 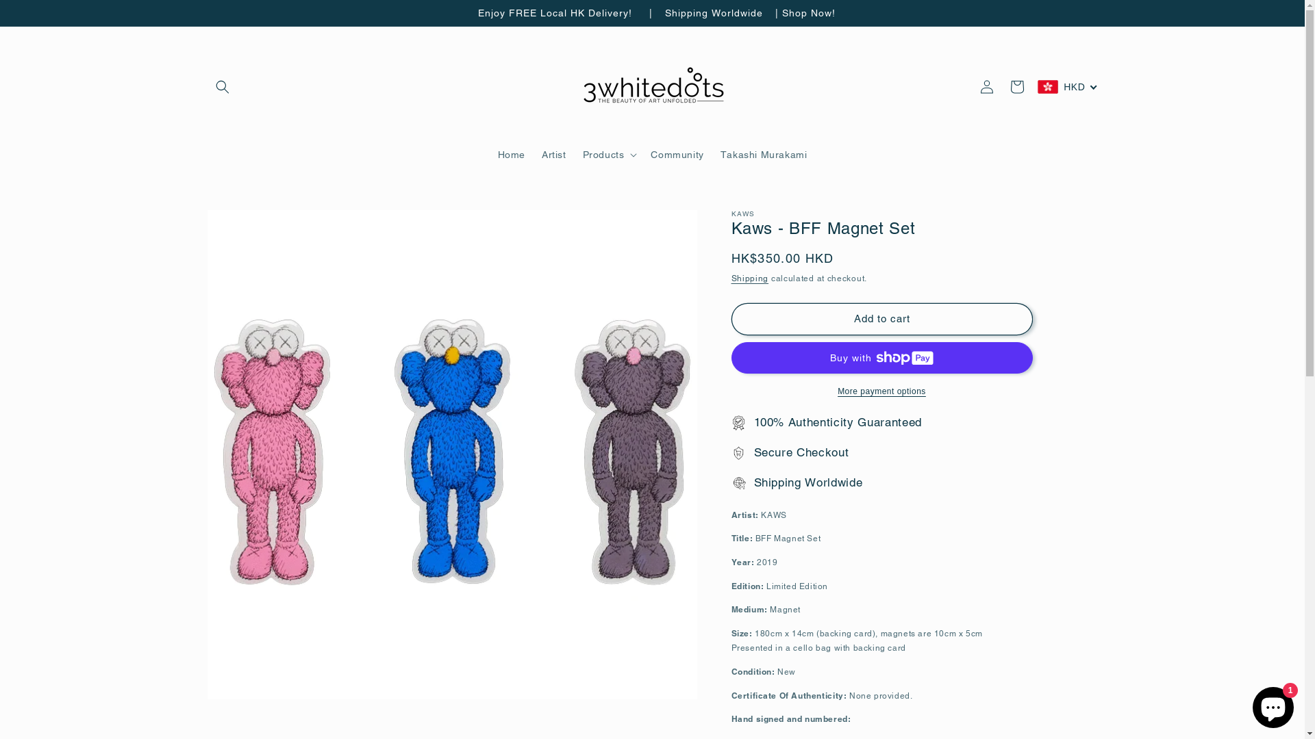 I want to click on 'Skip to product information', so click(x=249, y=224).